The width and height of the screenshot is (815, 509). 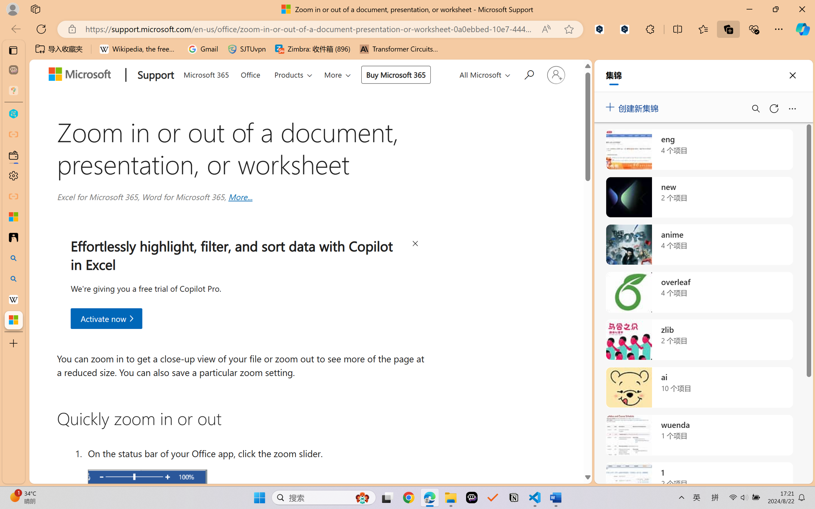 I want to click on 'Transformer Circuits Thread', so click(x=399, y=49).